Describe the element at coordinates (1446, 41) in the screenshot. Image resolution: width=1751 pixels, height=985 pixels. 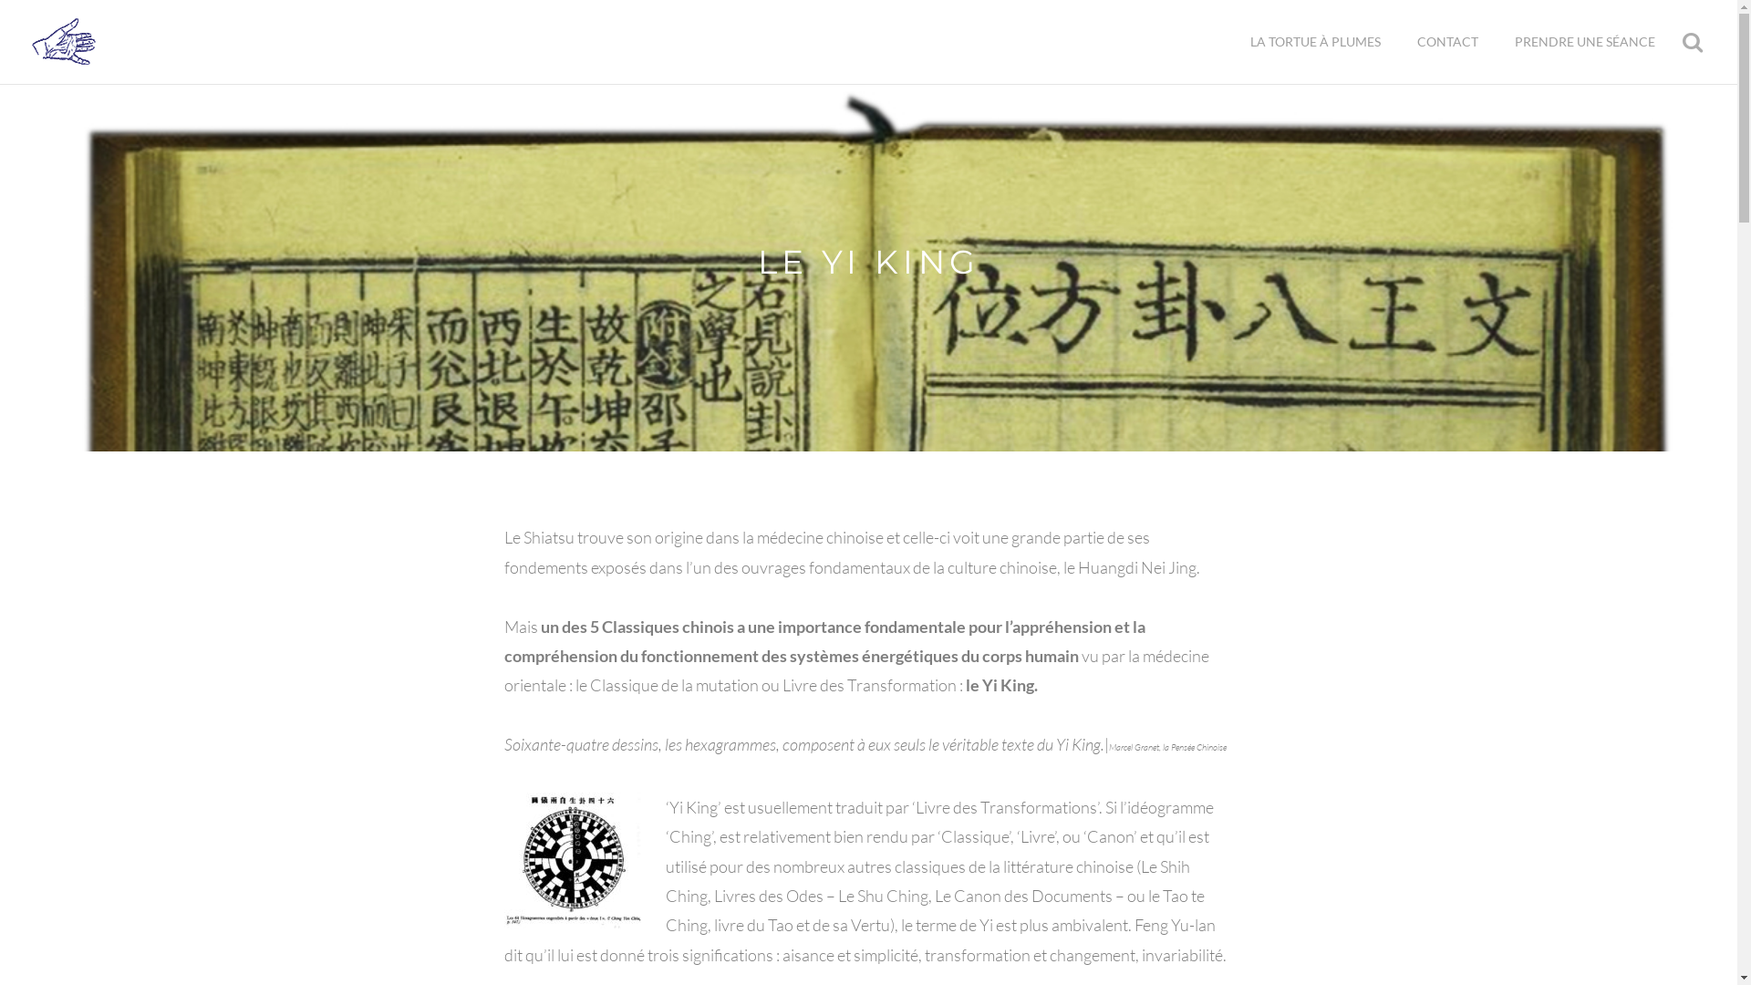
I see `'CONTACT'` at that location.